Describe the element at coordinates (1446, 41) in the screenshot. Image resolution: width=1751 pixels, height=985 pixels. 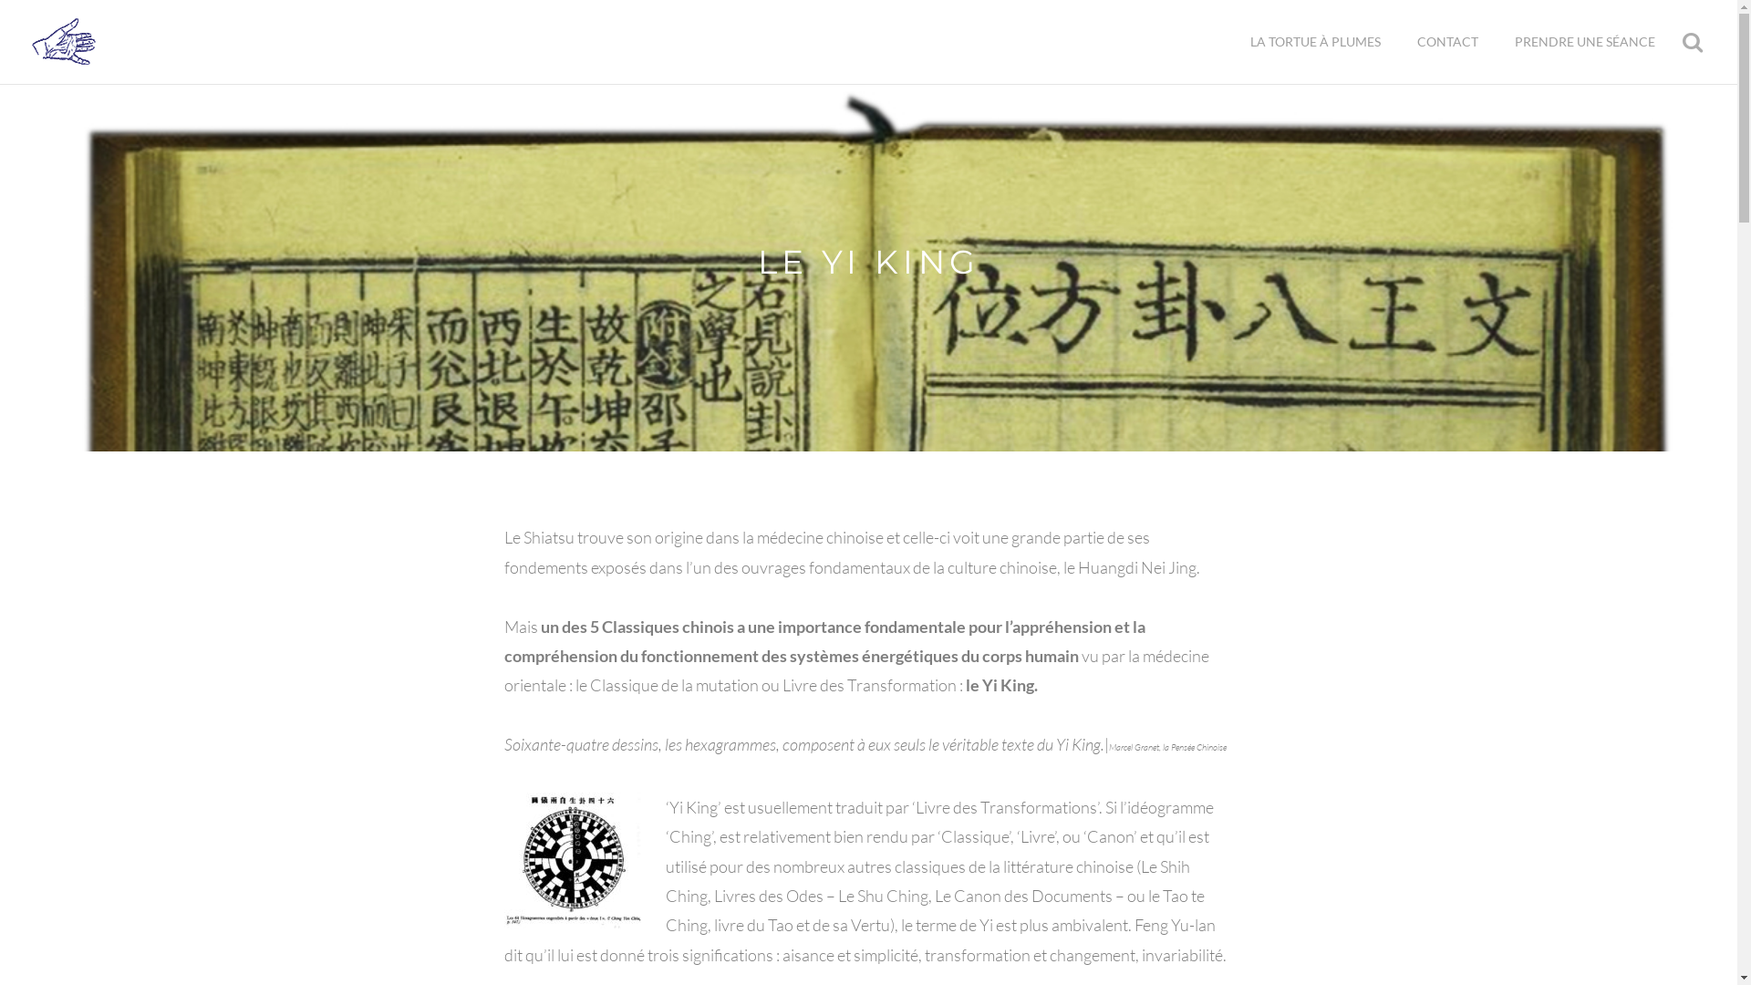
I see `'CONTACT'` at that location.